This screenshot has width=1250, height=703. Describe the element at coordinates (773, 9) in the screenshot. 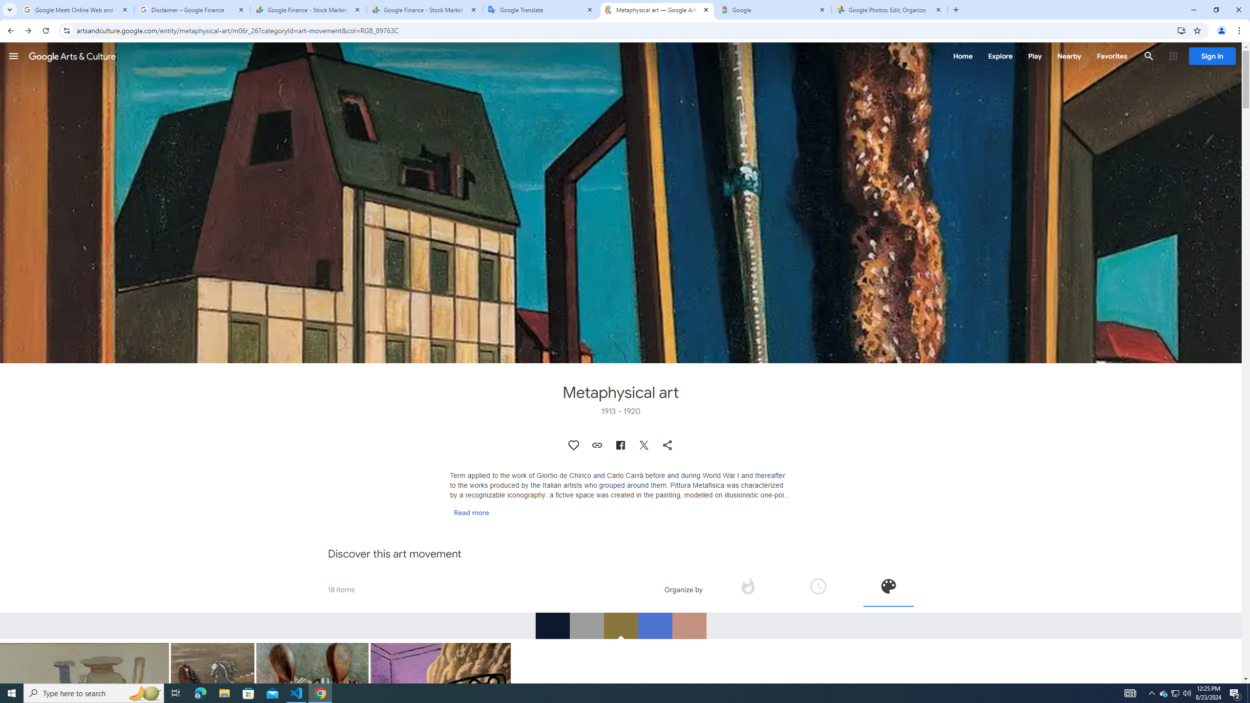

I see `'Google'` at that location.